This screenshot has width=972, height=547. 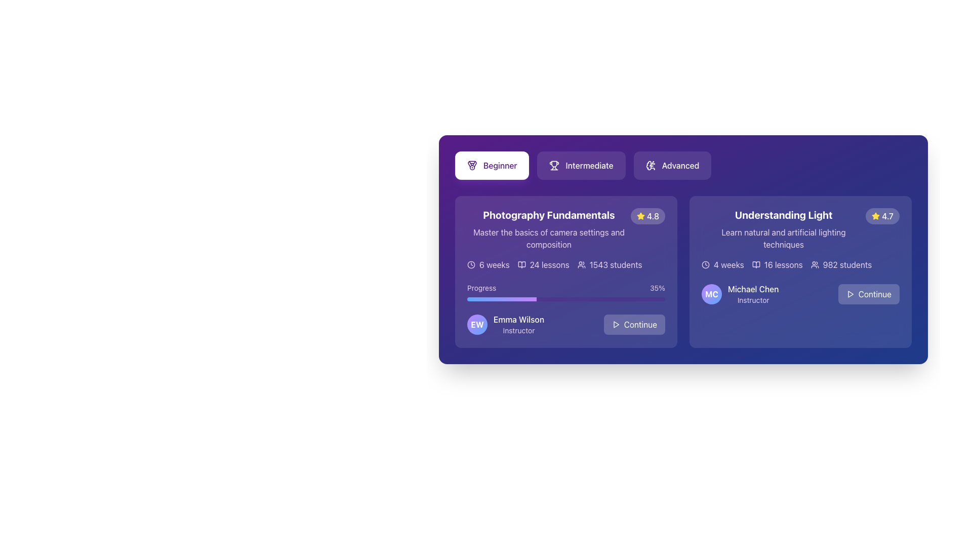 I want to click on the icon representing lessons located in the bottom-left corner of the purple card labeled 'Photography Fundamentals', aligned left to the text '24 lessons', so click(x=521, y=264).